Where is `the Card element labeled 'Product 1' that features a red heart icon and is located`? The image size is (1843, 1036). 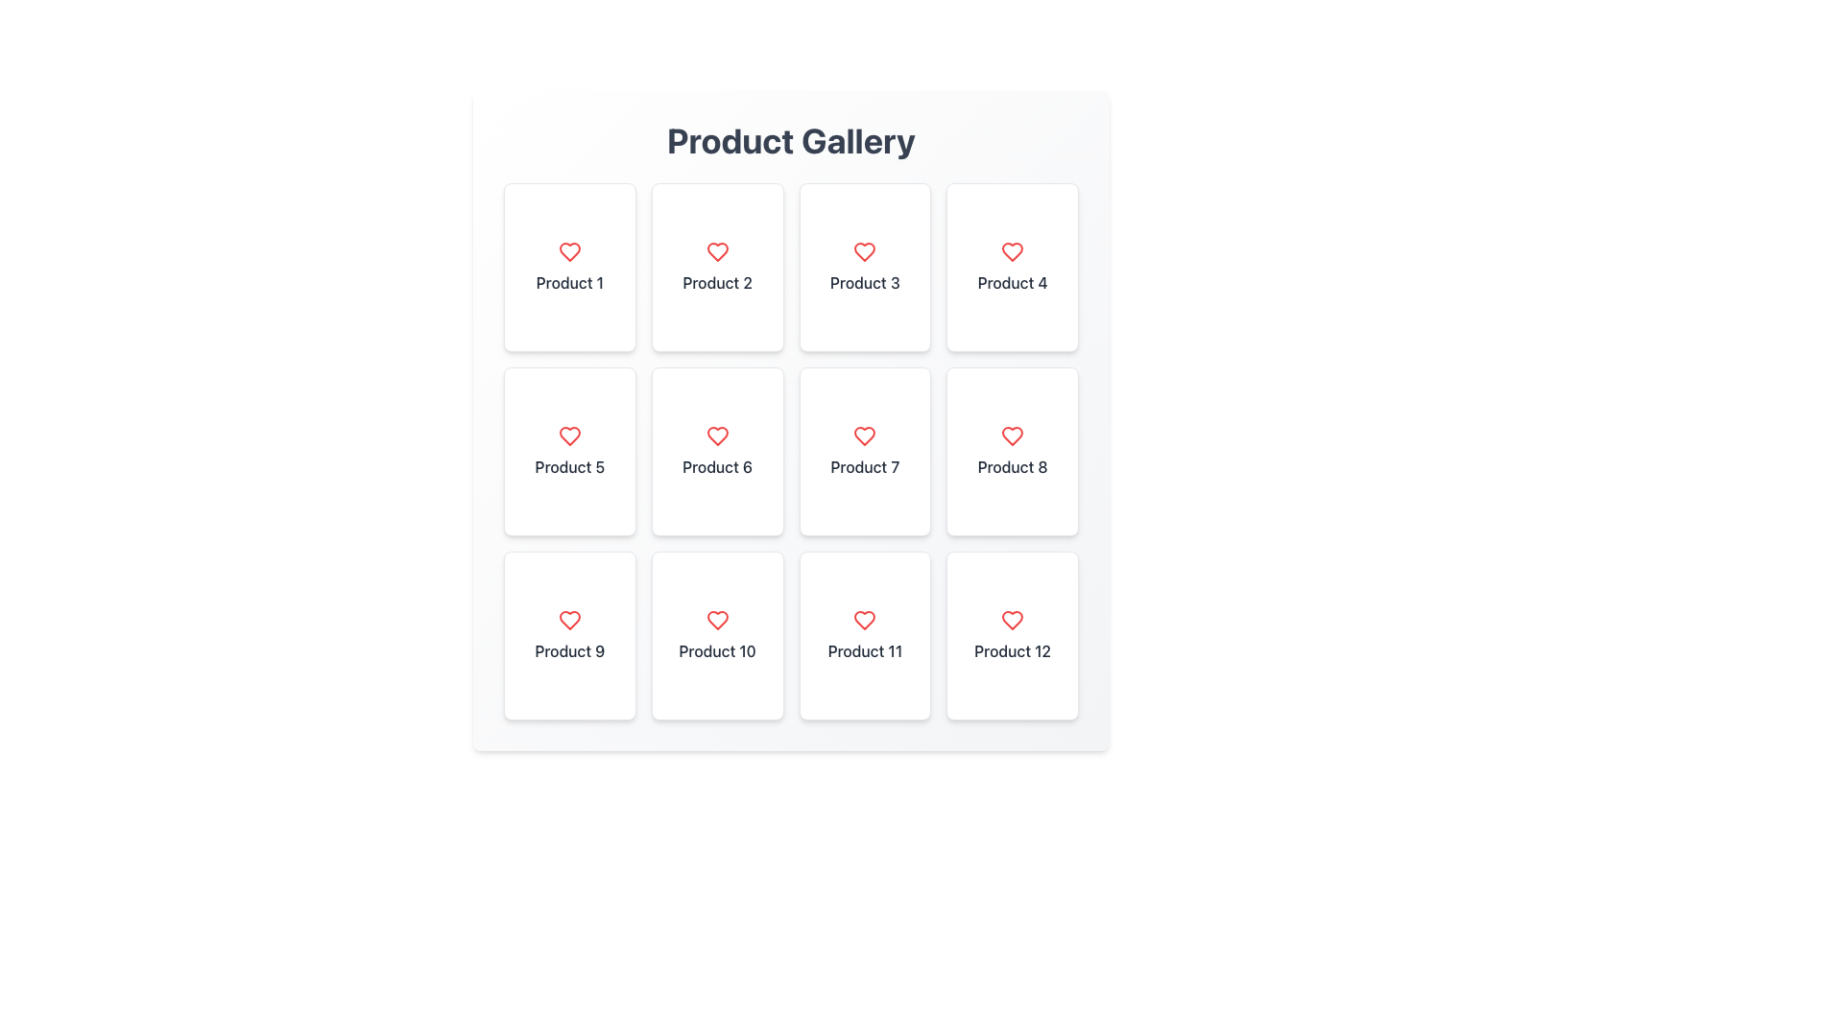
the Card element labeled 'Product 1' that features a red heart icon and is located is located at coordinates (568, 267).